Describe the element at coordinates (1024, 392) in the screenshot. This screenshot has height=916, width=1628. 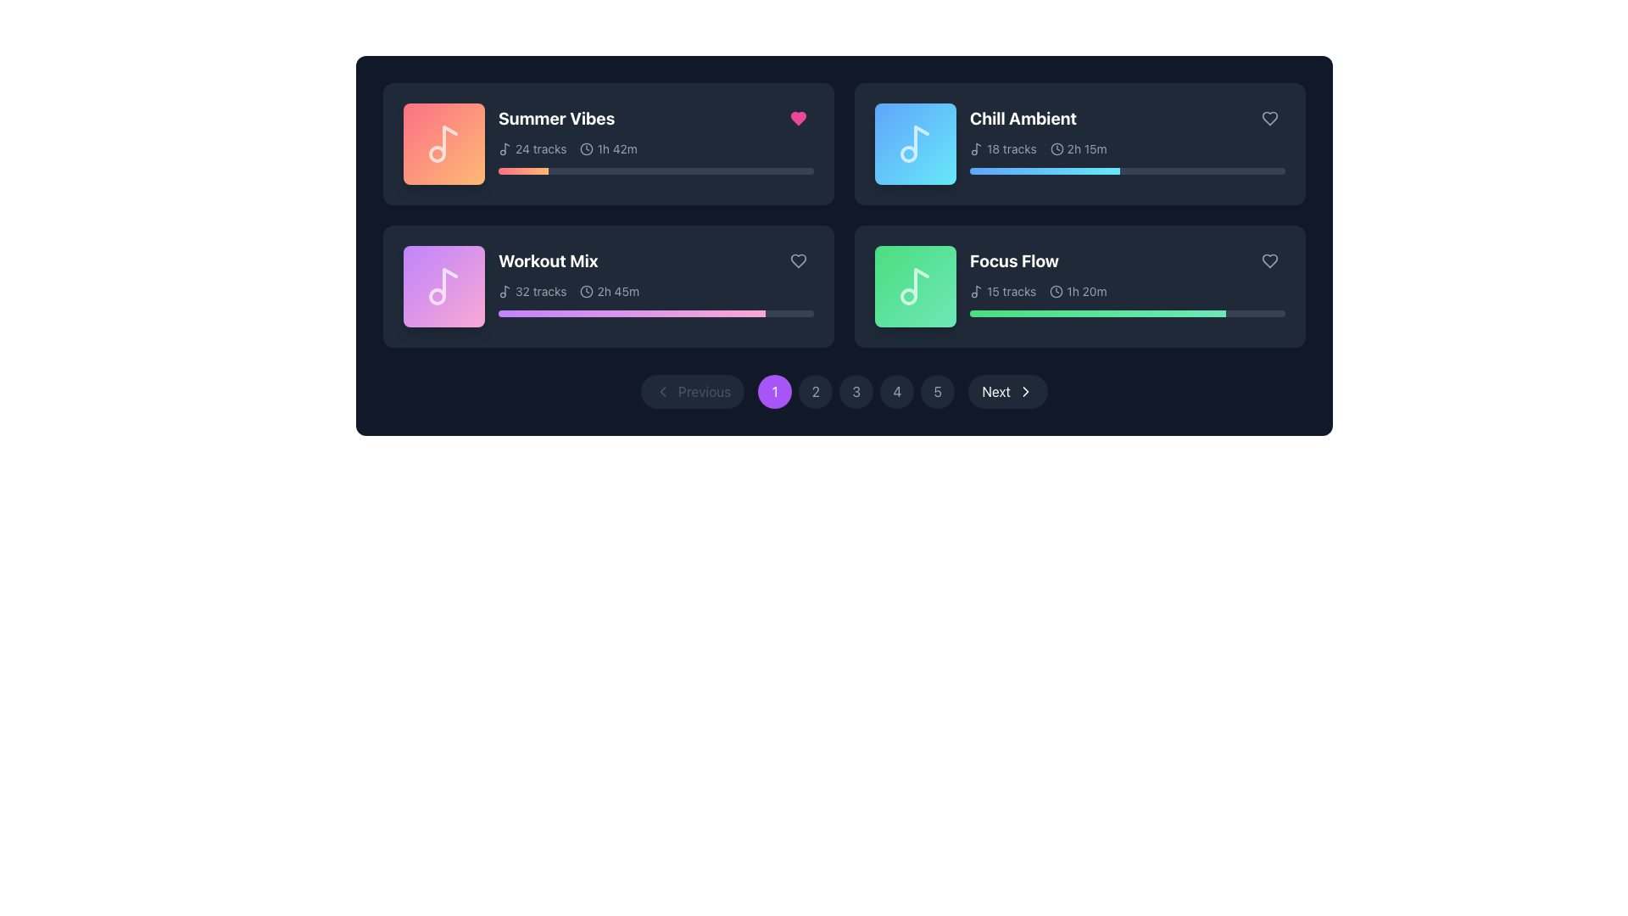
I see `the chevron-shaped icon styled as a rightward arrow, which is positioned inside the 'Next' button in the bottom-right section of the interface` at that location.